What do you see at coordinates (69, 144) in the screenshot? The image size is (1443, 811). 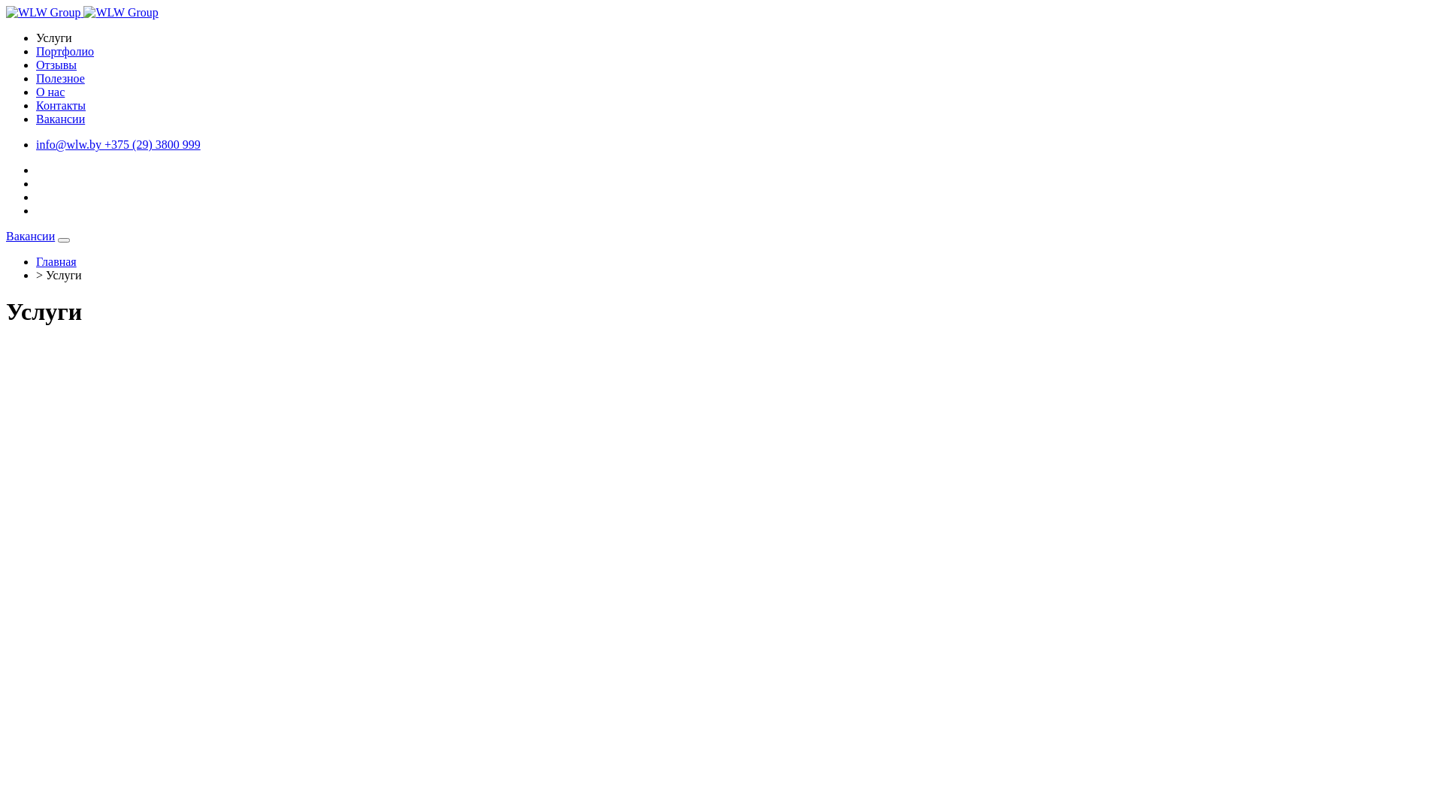 I see `'info@wlw.by'` at bounding box center [69, 144].